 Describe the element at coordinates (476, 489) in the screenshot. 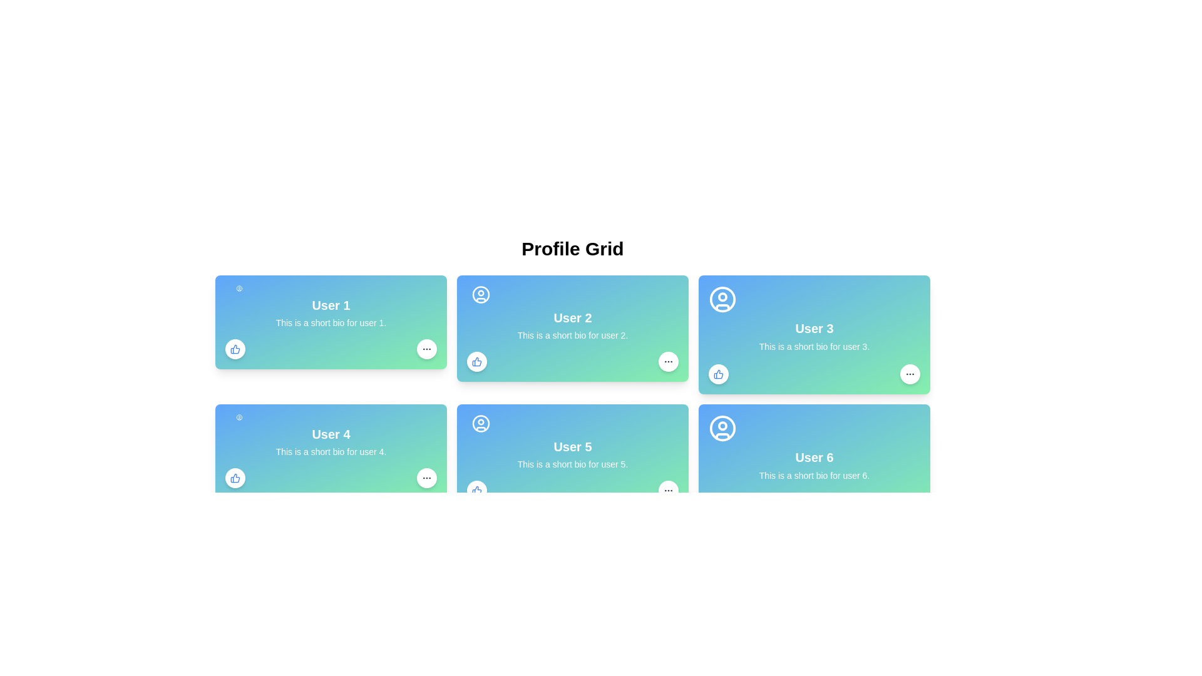

I see `the blue thumbs-up icon located in the bottom left corner of 'User 5's profile card` at that location.